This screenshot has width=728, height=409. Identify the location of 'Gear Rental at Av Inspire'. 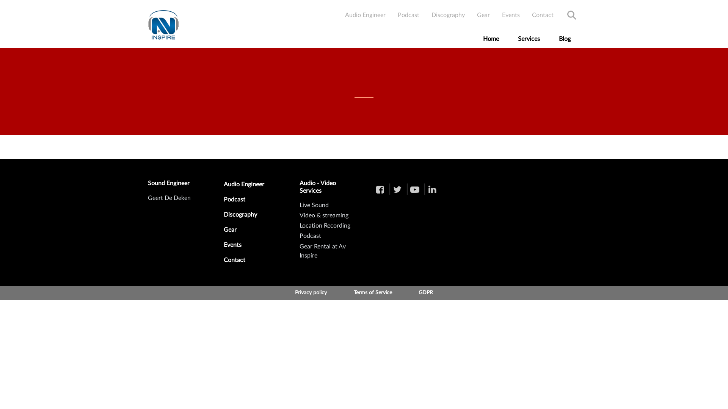
(322, 251).